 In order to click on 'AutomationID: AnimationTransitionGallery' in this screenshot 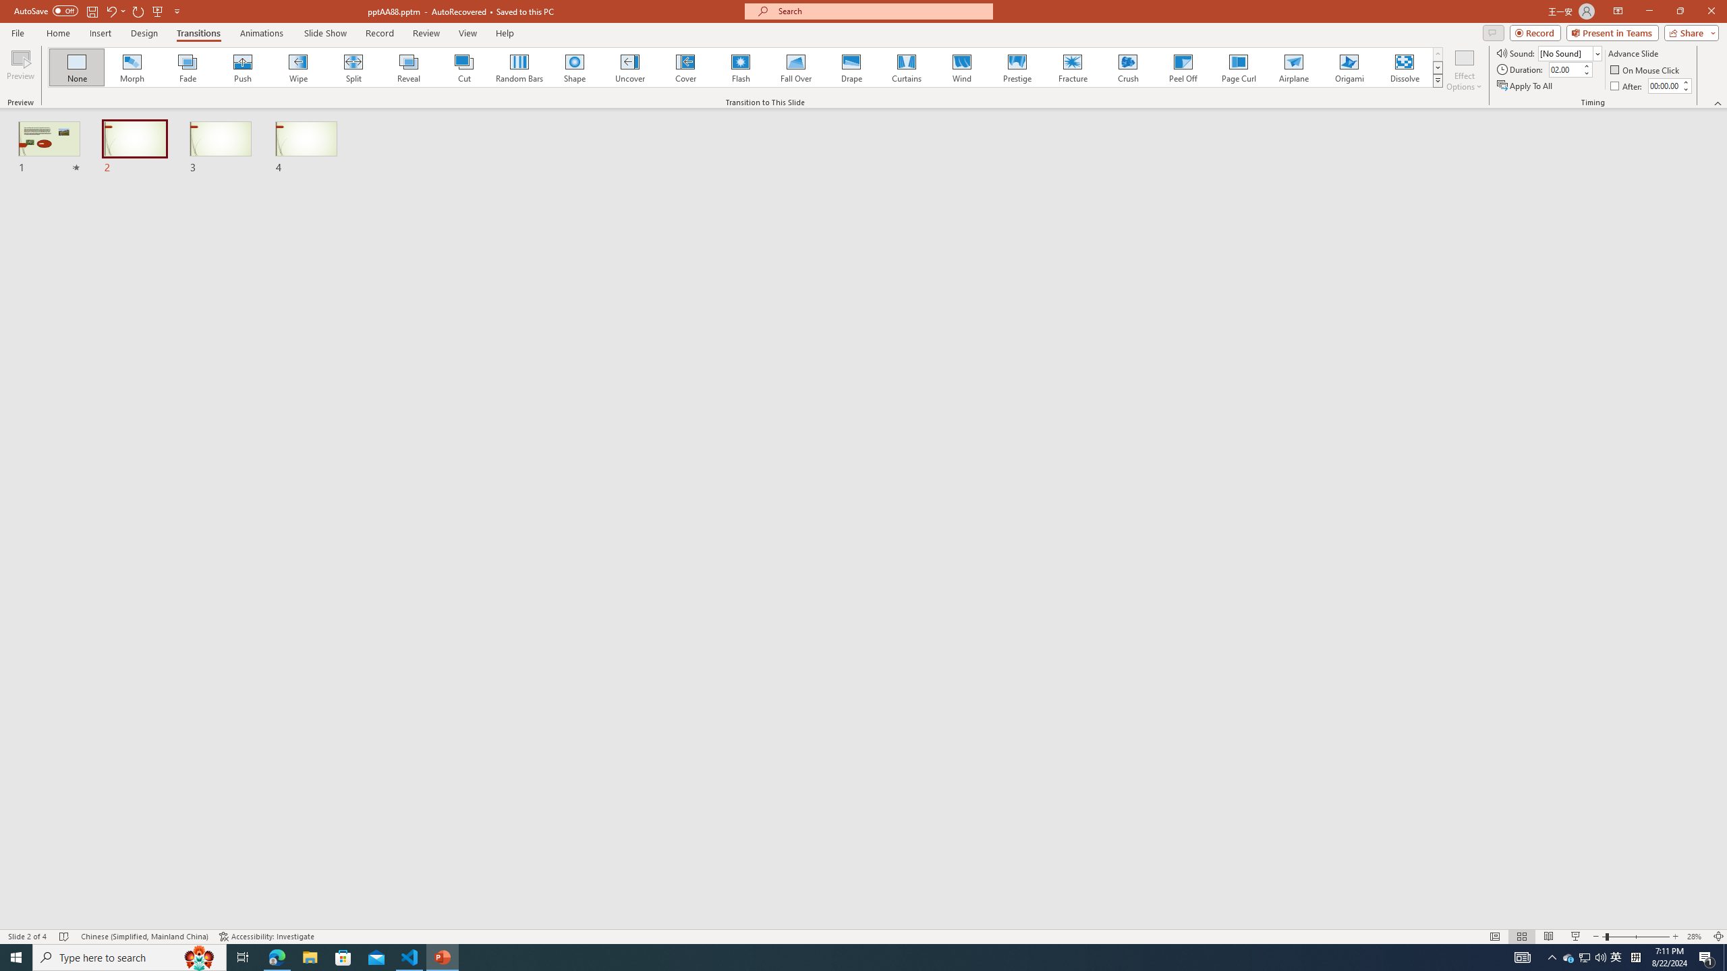, I will do `click(745, 67)`.